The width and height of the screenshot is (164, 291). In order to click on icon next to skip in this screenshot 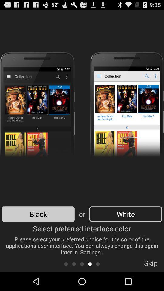, I will do `click(98, 263)`.